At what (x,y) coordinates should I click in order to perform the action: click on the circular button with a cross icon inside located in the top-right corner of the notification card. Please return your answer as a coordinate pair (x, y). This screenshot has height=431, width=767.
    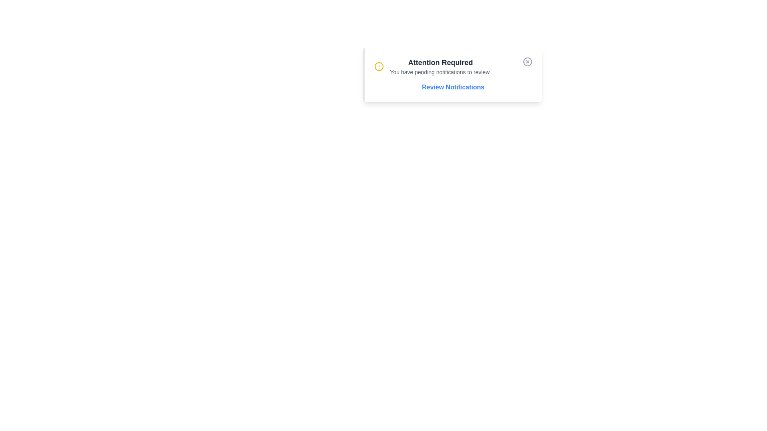
    Looking at the image, I should click on (527, 61).